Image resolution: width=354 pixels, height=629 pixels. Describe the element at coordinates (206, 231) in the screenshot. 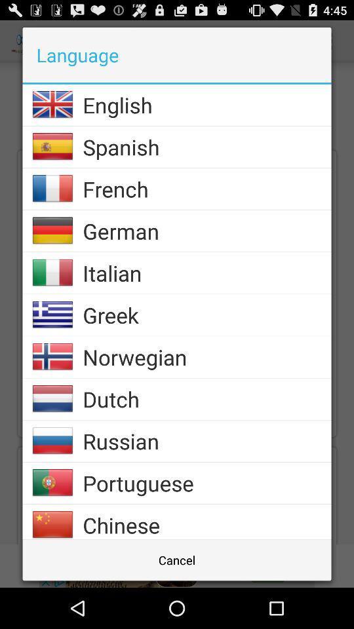

I see `icon above the italian item` at that location.